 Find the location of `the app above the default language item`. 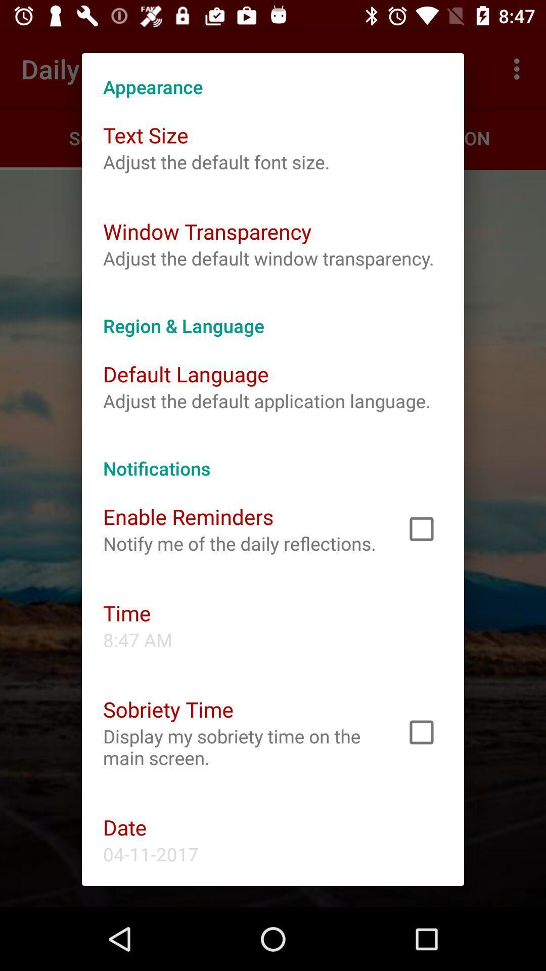

the app above the default language item is located at coordinates (273, 315).